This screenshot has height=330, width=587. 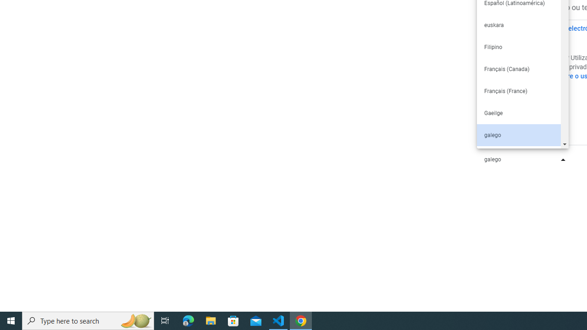 What do you see at coordinates (518, 25) in the screenshot?
I see `'euskara'` at bounding box center [518, 25].